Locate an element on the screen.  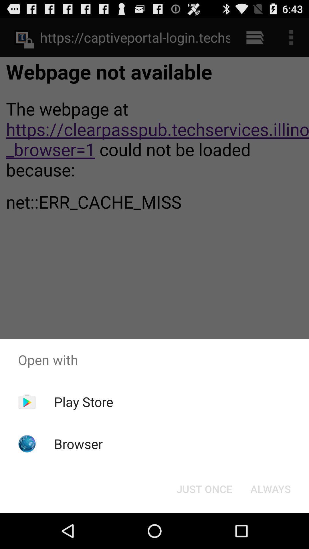
the icon next to just once item is located at coordinates (270, 488).